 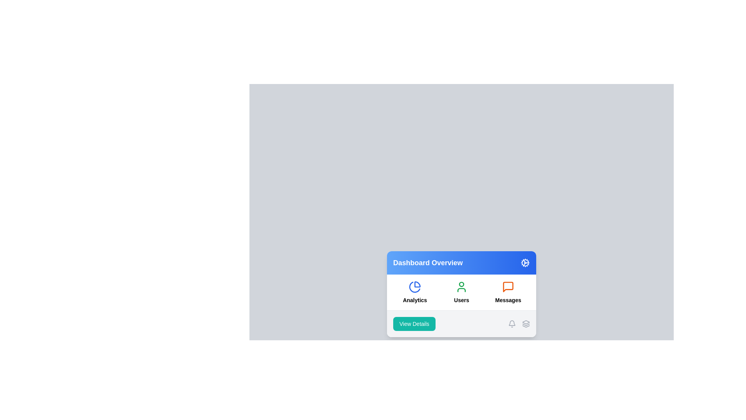 What do you see at coordinates (461, 299) in the screenshot?
I see `the Text label that indicates the section related to users, positioned below the user icon in the 'Dashboard Overview' interface card` at bounding box center [461, 299].